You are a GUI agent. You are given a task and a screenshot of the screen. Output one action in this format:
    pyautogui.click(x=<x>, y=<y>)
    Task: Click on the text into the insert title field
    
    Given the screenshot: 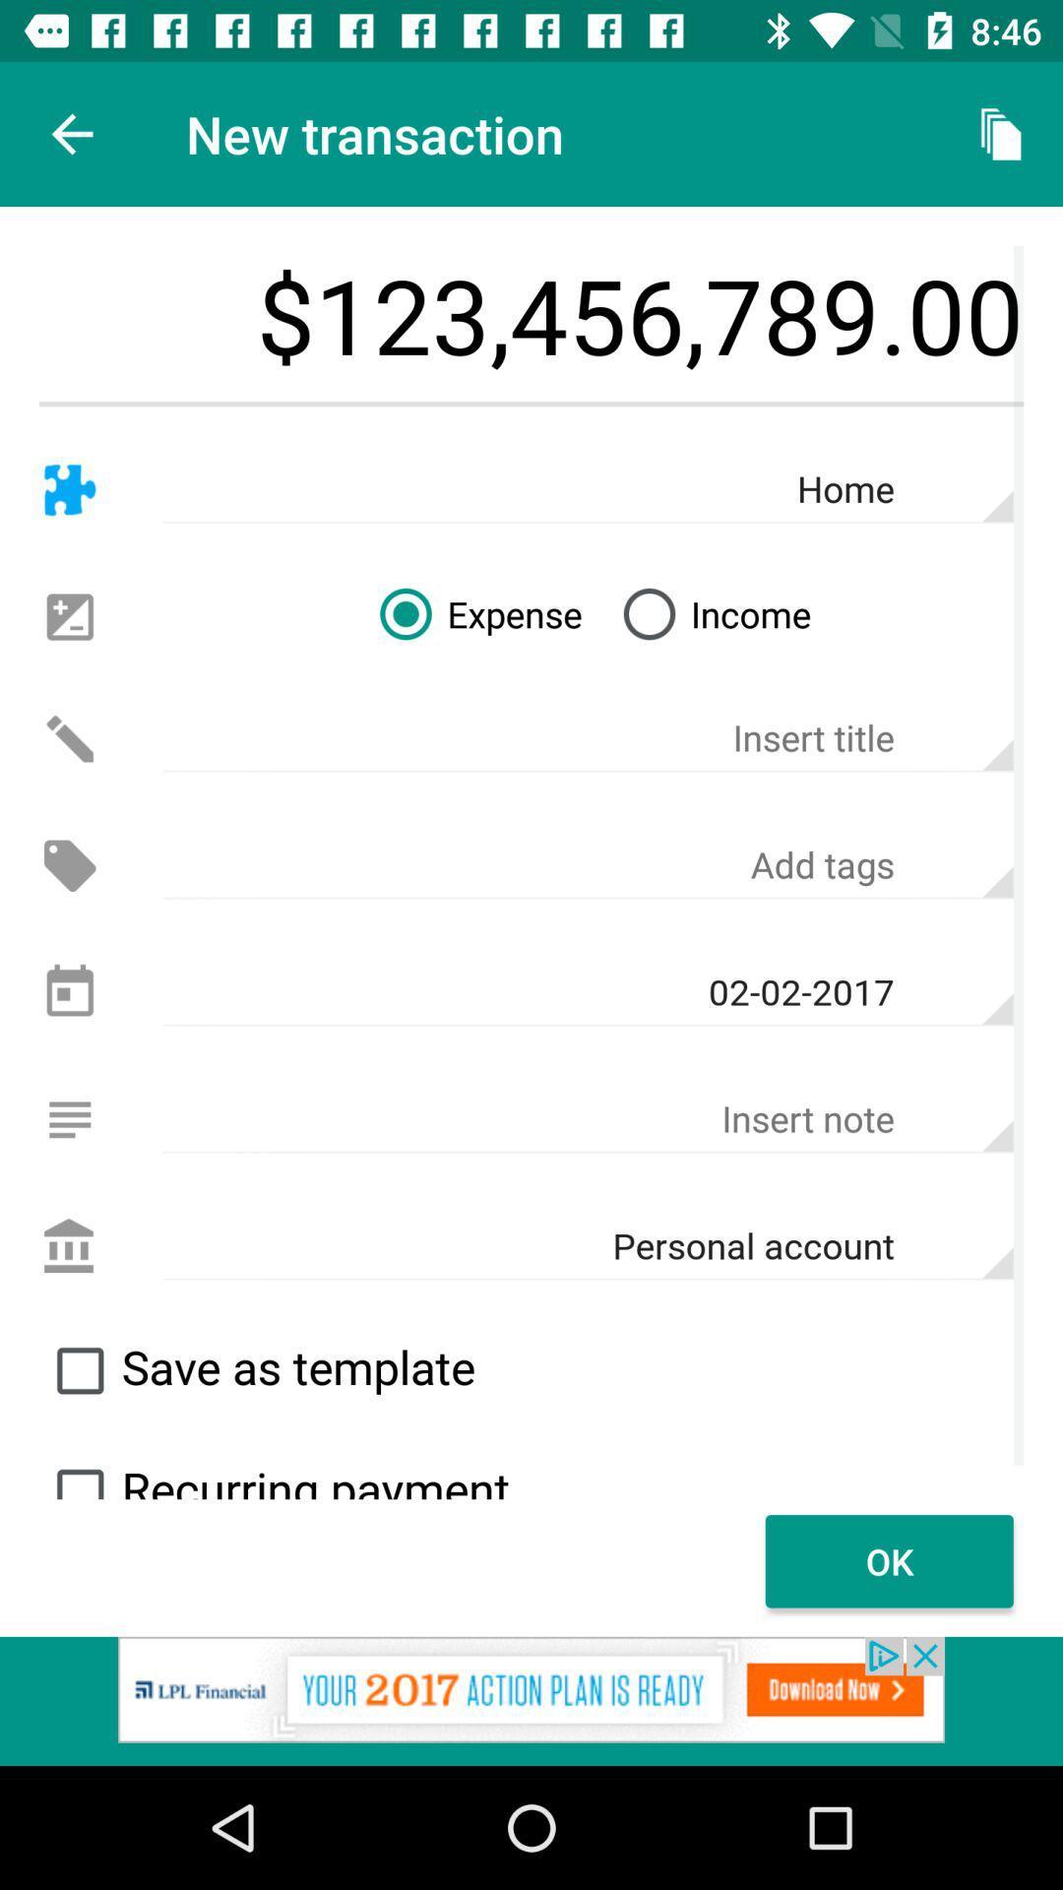 What is the action you would take?
    pyautogui.click(x=587, y=737)
    